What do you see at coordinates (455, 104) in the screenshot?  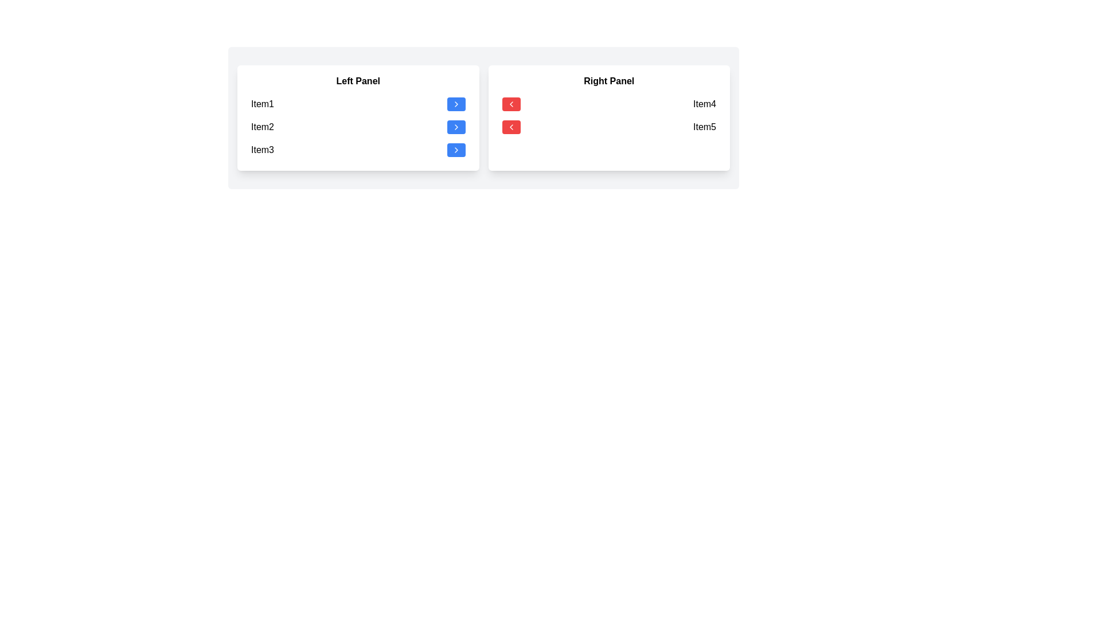 I see `blue button next to the item labeled Item1 in the left panel to transfer it to the right panel` at bounding box center [455, 104].